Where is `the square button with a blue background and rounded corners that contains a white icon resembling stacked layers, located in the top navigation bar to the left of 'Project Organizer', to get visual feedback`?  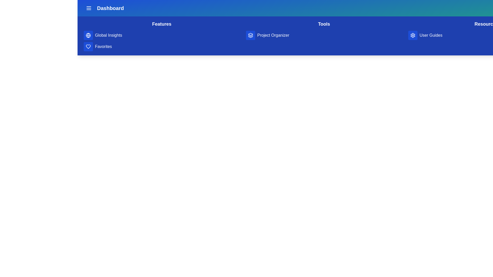
the square button with a blue background and rounded corners that contains a white icon resembling stacked layers, located in the top navigation bar to the left of 'Project Organizer', to get visual feedback is located at coordinates (250, 35).